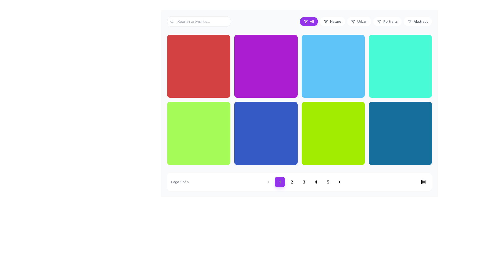  I want to click on the square-shaped button displaying the number '4' with a white background and black text, so click(316, 182).